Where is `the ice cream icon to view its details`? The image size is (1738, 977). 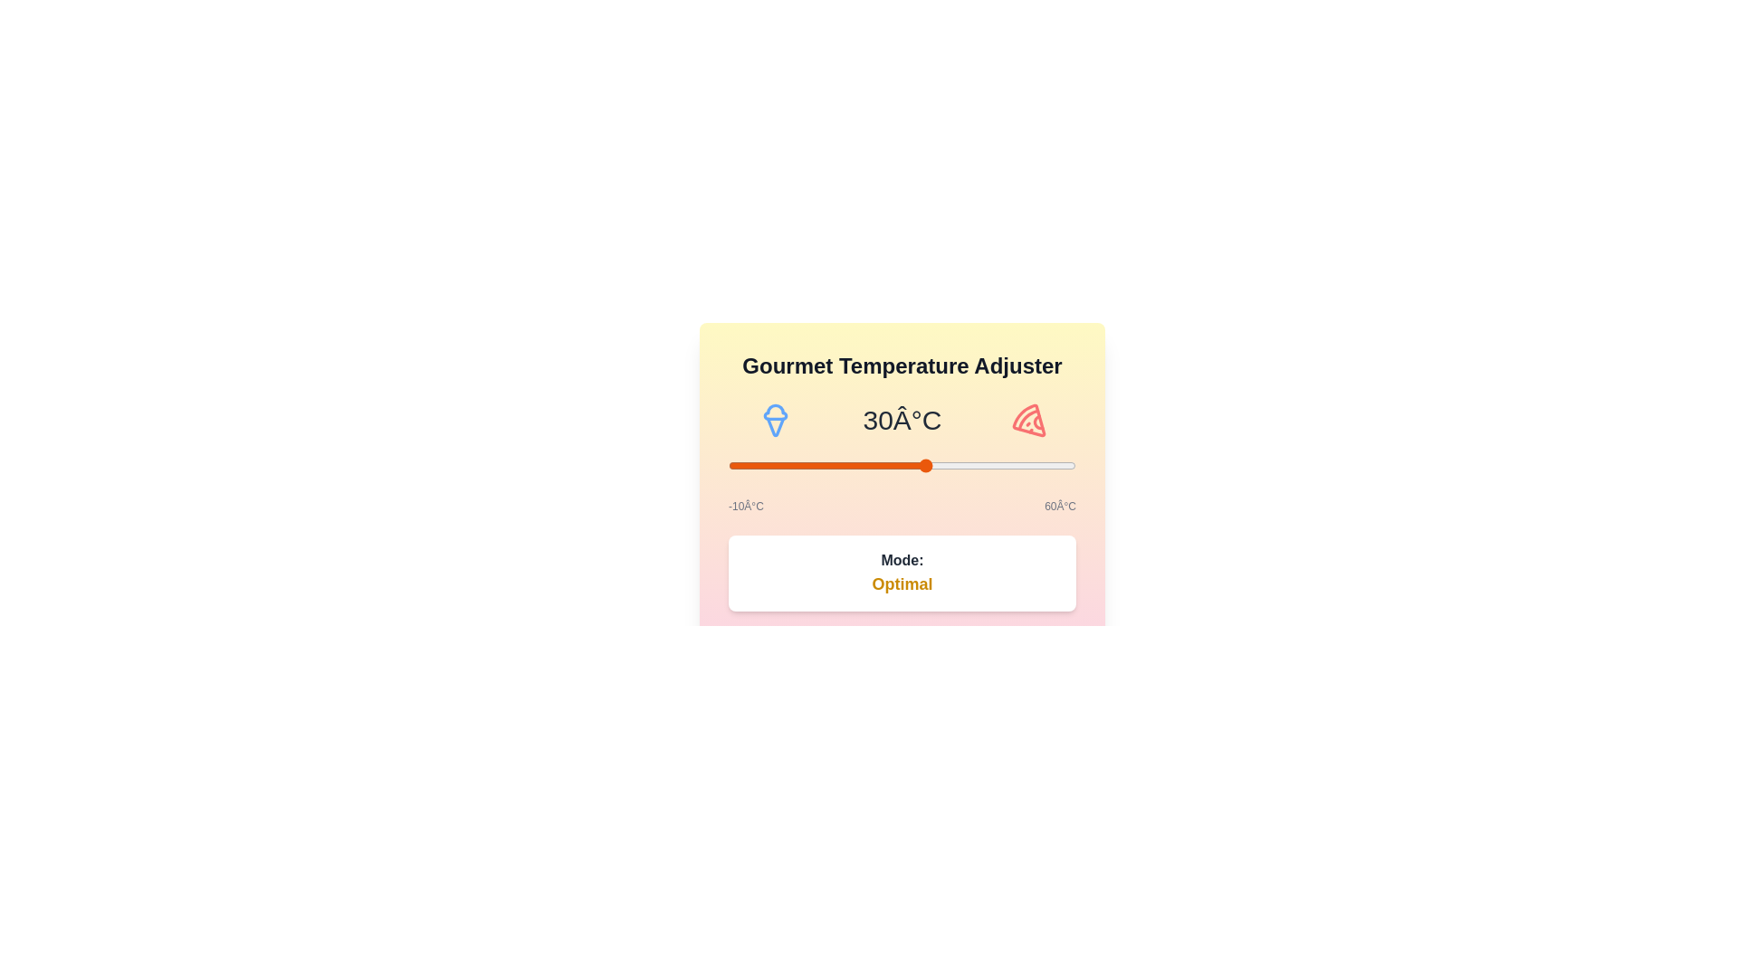
the ice cream icon to view its details is located at coordinates (776, 421).